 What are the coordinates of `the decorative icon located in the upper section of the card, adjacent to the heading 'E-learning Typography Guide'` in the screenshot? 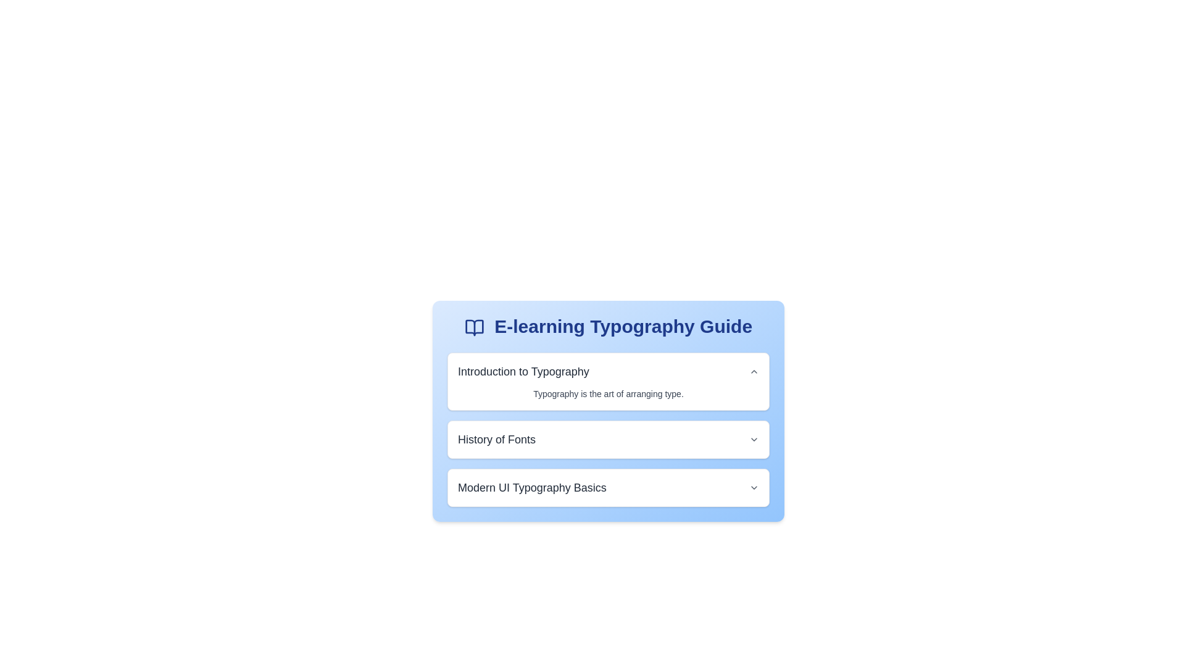 It's located at (473, 327).